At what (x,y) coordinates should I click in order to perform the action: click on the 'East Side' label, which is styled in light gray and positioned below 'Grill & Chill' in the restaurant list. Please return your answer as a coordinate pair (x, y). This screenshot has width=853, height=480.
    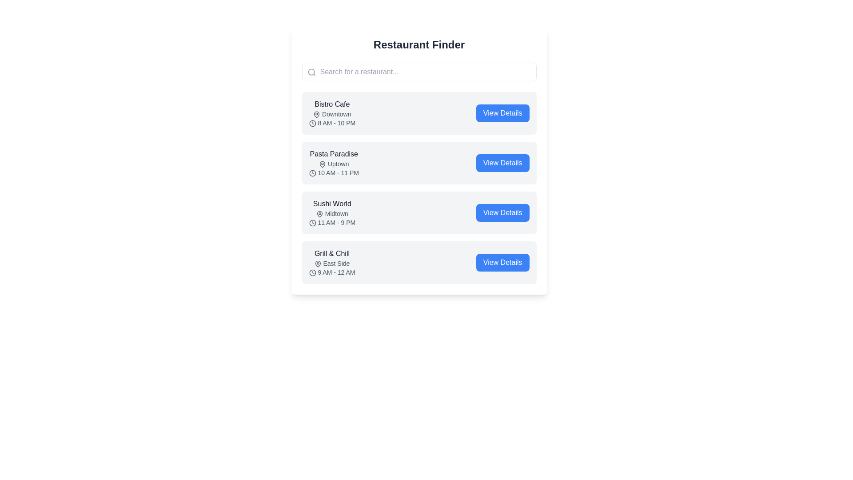
    Looking at the image, I should click on (331, 263).